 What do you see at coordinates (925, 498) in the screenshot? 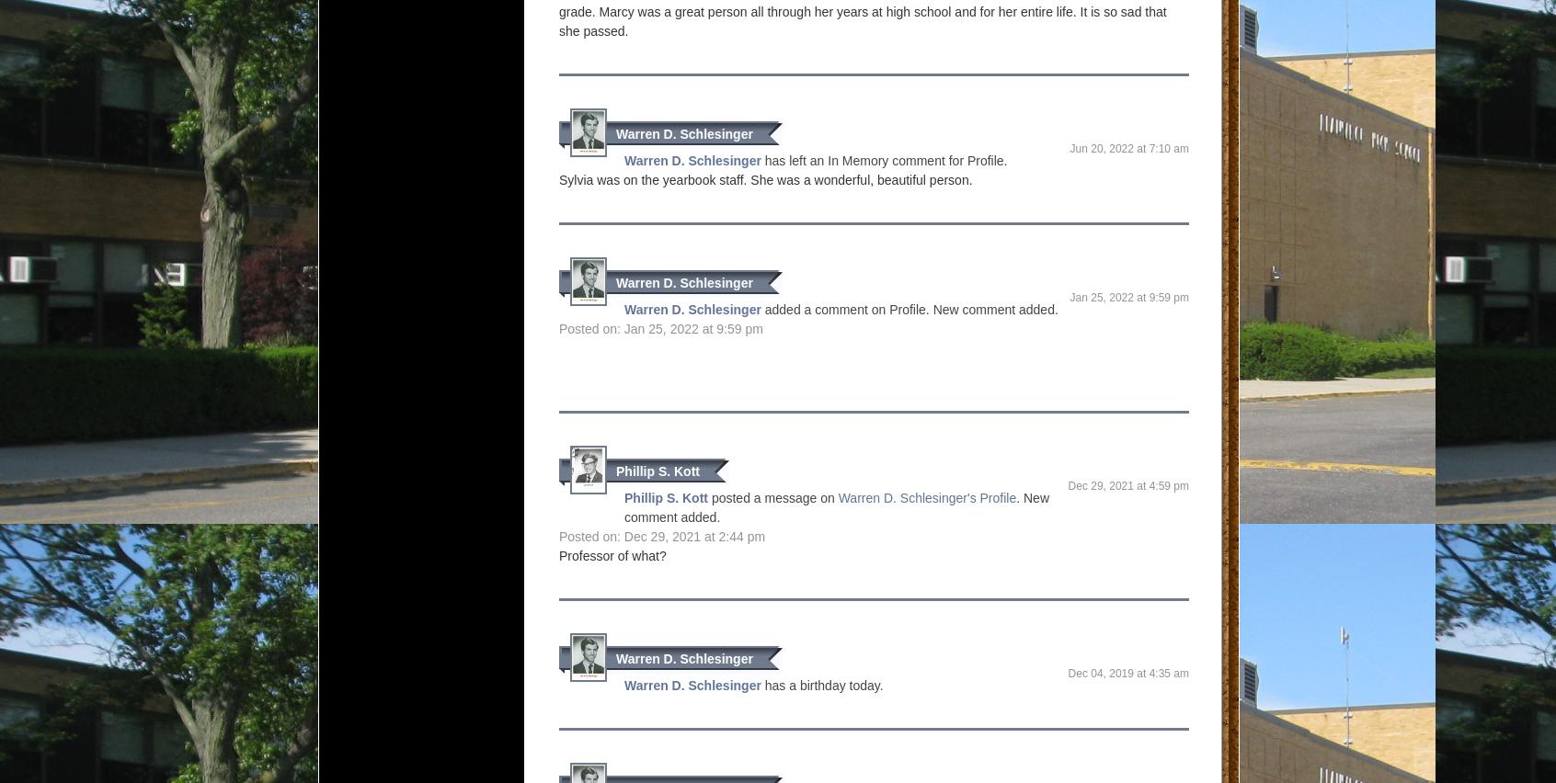
I see `'Warren D. Schlesinger's Profile'` at bounding box center [925, 498].